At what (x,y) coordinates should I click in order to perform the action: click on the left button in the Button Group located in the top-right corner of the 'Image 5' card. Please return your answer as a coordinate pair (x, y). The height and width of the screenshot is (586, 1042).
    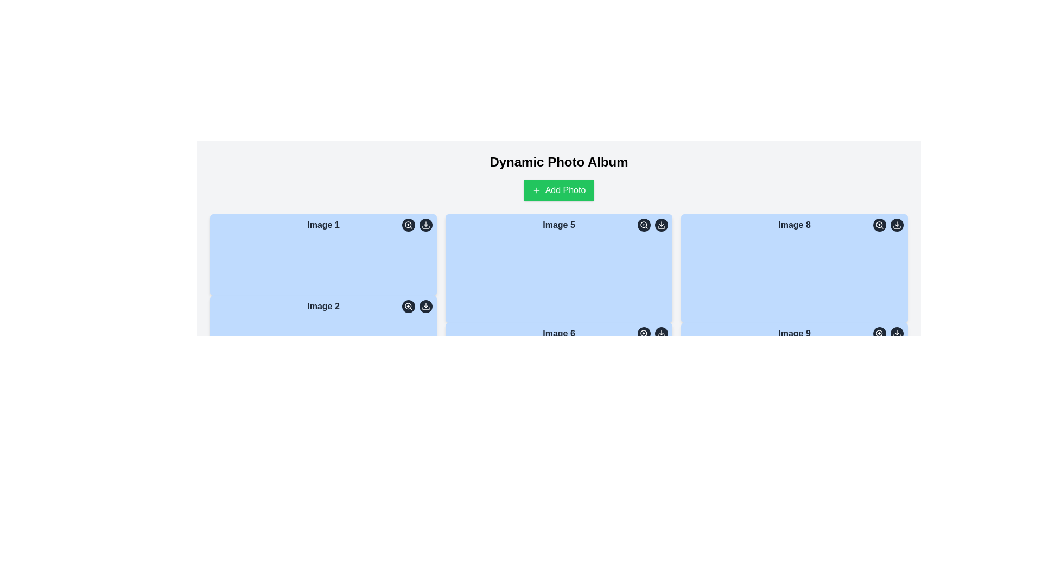
    Looking at the image, I should click on (652, 225).